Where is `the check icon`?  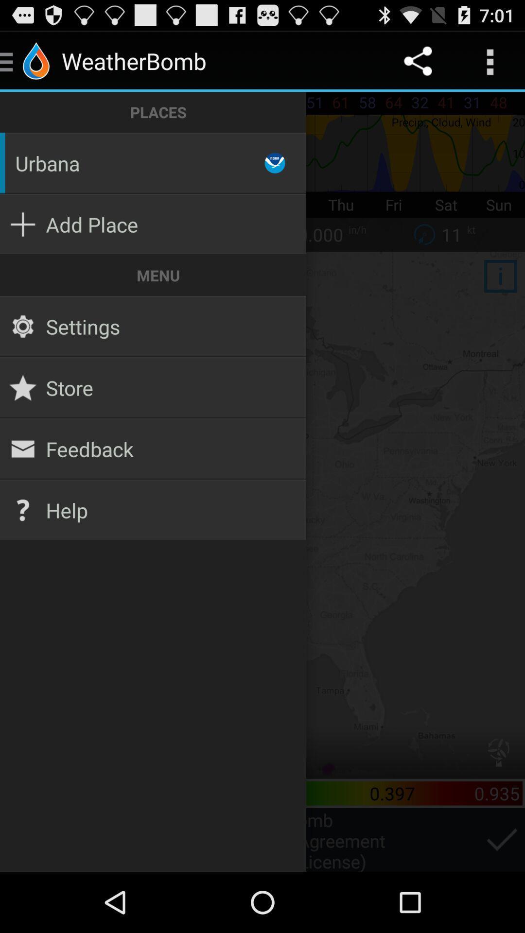
the check icon is located at coordinates (502, 898).